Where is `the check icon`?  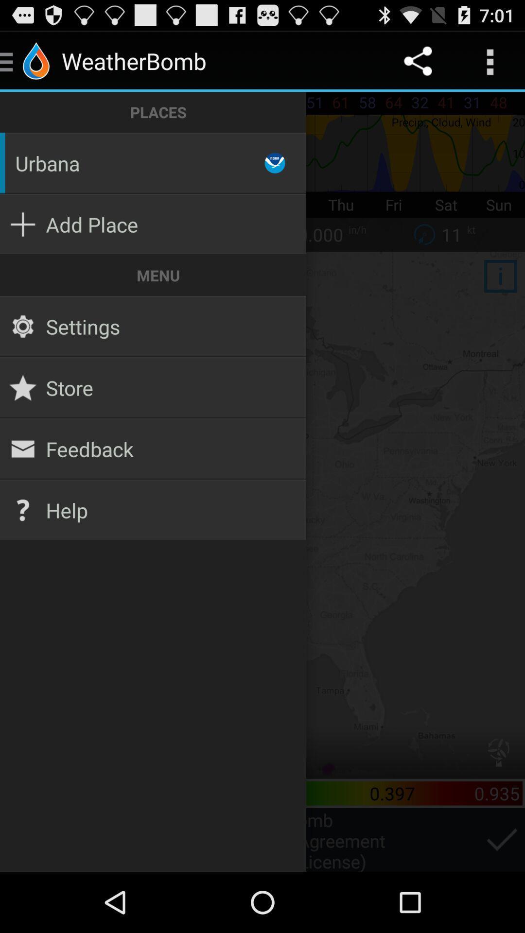
the check icon is located at coordinates (502, 898).